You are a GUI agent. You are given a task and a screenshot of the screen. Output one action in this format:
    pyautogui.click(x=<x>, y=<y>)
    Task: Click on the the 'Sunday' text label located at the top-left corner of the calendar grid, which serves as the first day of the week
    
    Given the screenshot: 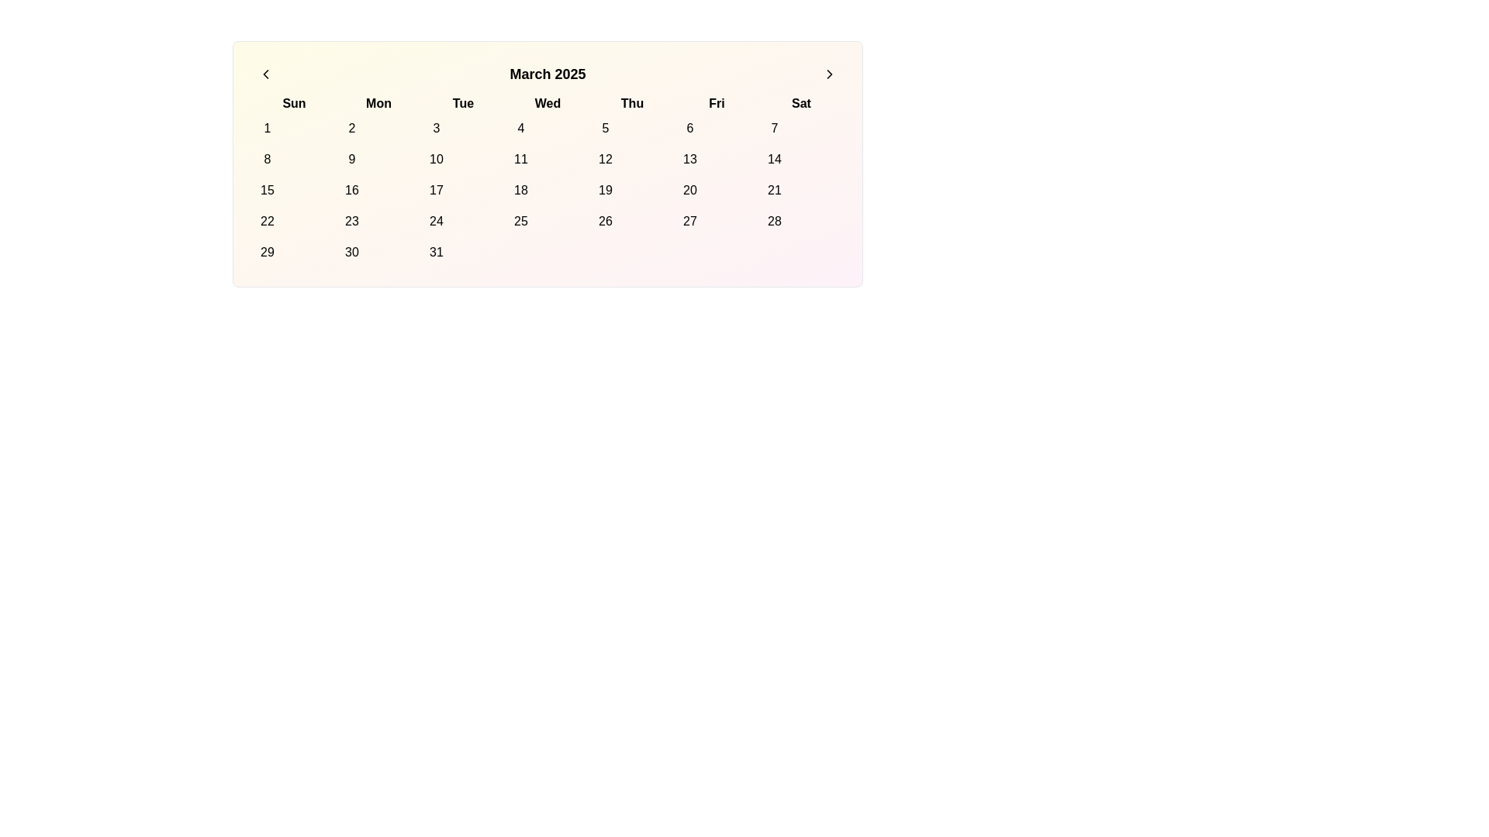 What is the action you would take?
    pyautogui.click(x=294, y=104)
    